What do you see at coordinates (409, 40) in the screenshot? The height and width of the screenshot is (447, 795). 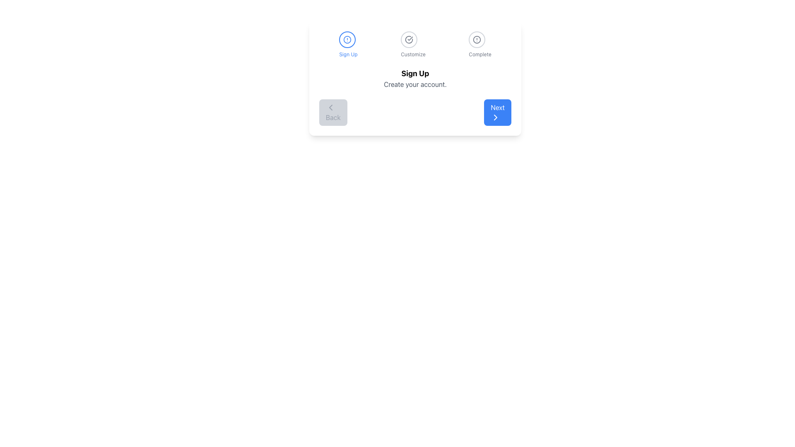 I see `the leftmost circular 'Sign Up' button located in the top center of the interface for additional details` at bounding box center [409, 40].